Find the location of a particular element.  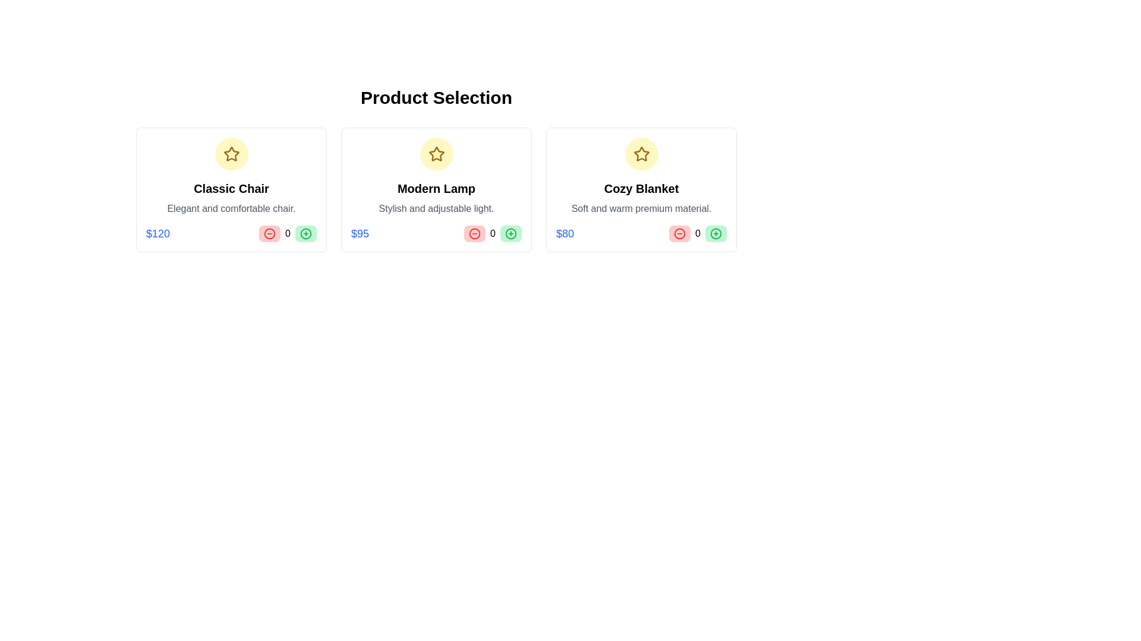

the circular SVG element representing an icon within the 'Modern Lamp' product card, located at the bottom-right corner is located at coordinates (510, 233).